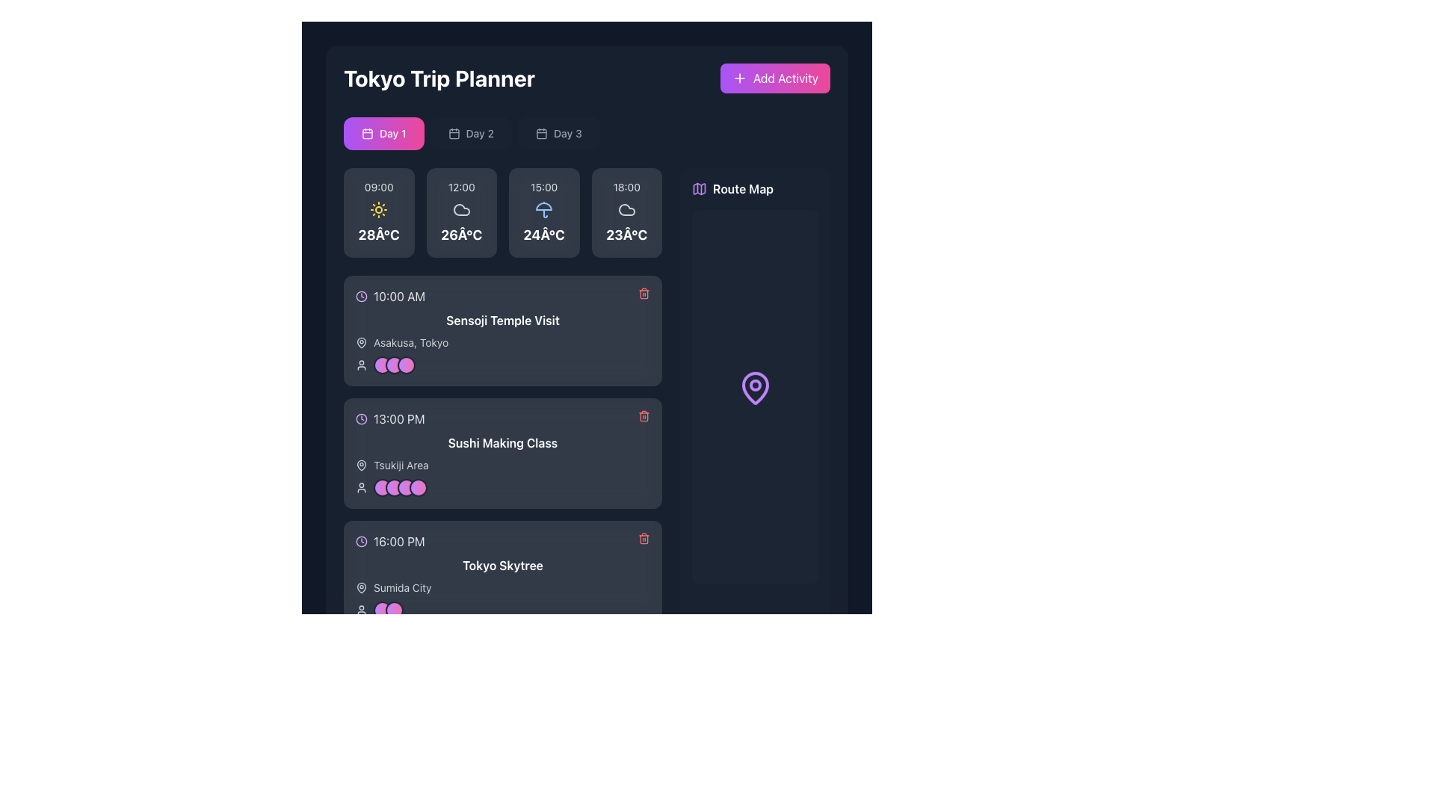  What do you see at coordinates (362, 343) in the screenshot?
I see `the map pin icon indicating the location 'Asakusa, Tokyo', which is positioned before the adjacent text` at bounding box center [362, 343].